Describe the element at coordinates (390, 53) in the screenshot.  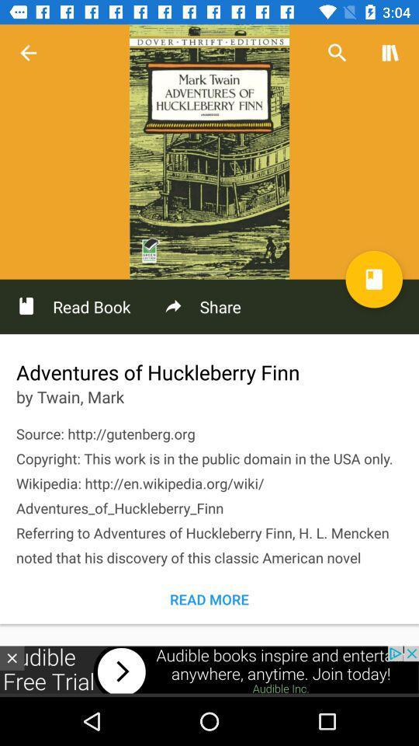
I see `the icon which is next to search icon` at that location.